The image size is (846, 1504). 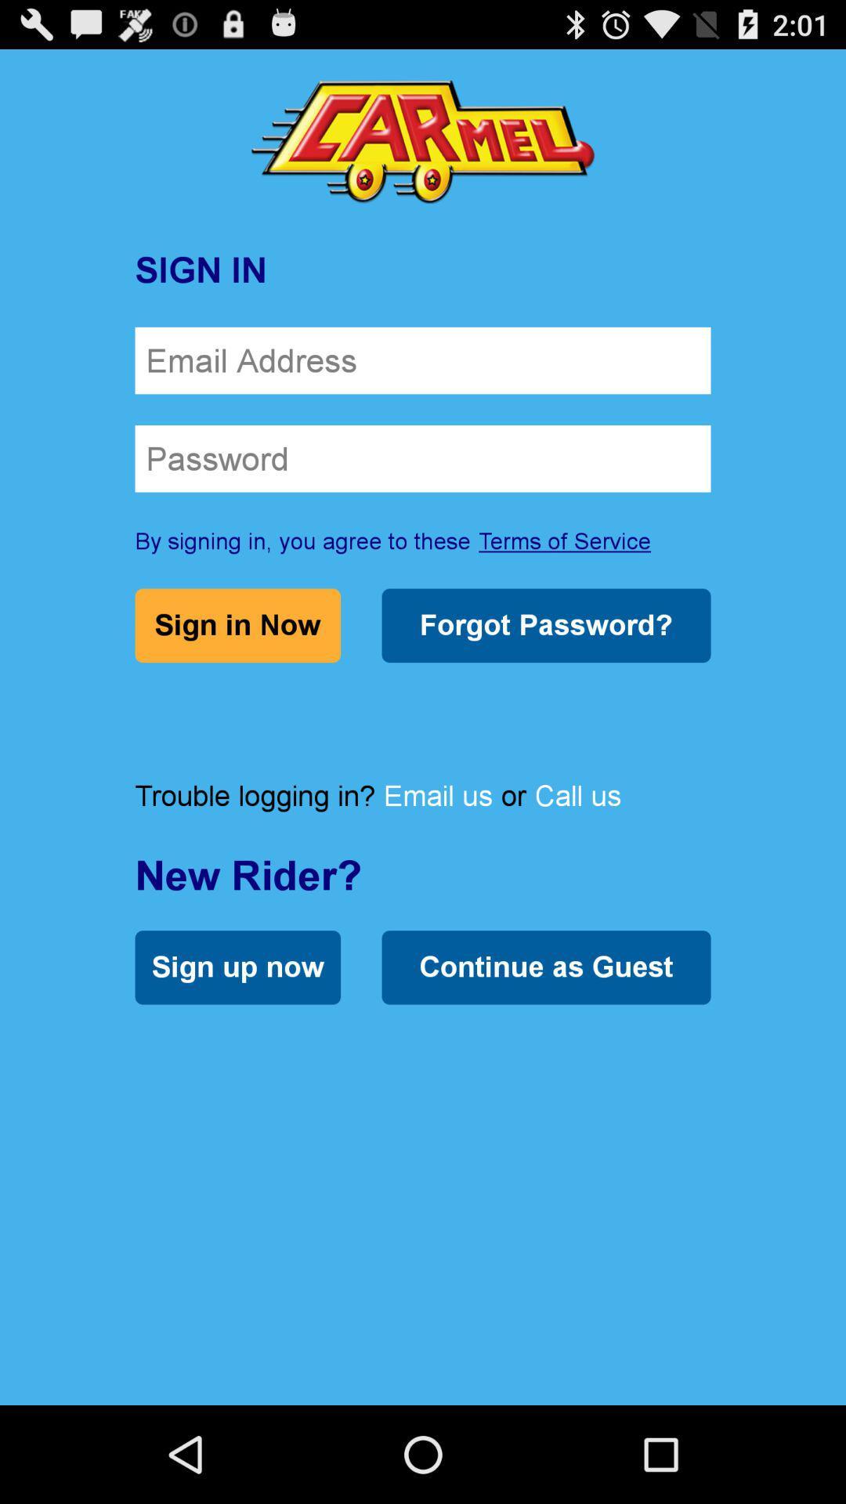 I want to click on terms of service icon, so click(x=565, y=540).